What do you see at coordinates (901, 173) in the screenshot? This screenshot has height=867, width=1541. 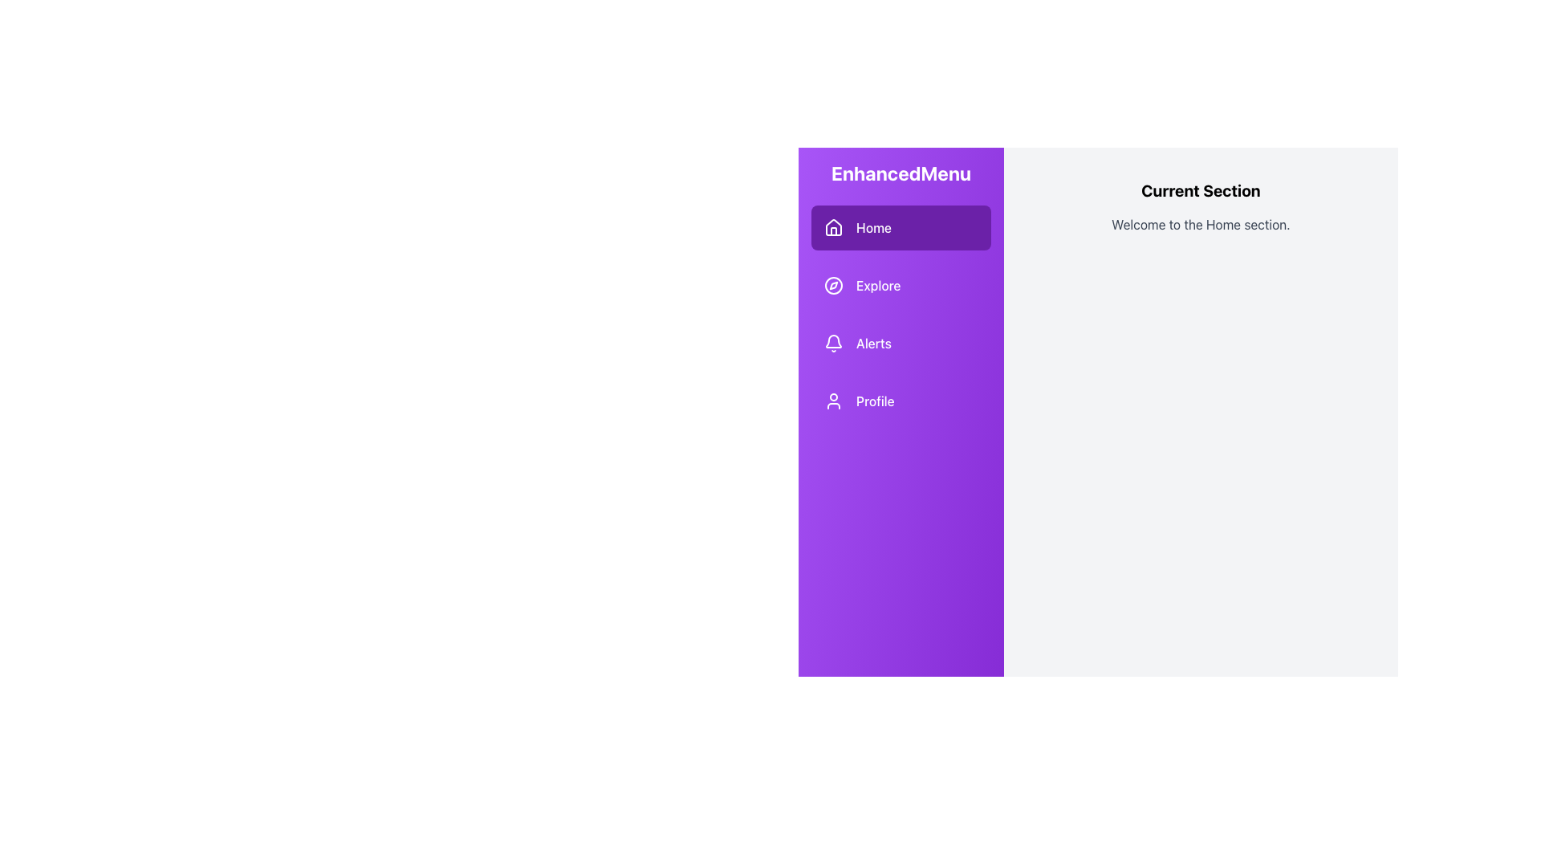 I see `the 'EnhancedMenu' static text label at the top of the sidebar, which is styled in bold white font against a gradient purple background` at bounding box center [901, 173].